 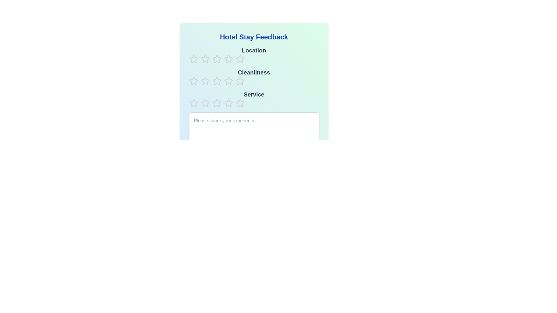 What do you see at coordinates (228, 103) in the screenshot?
I see `the third star rating icon in the 'Service' rating row for accessibility interactions` at bounding box center [228, 103].